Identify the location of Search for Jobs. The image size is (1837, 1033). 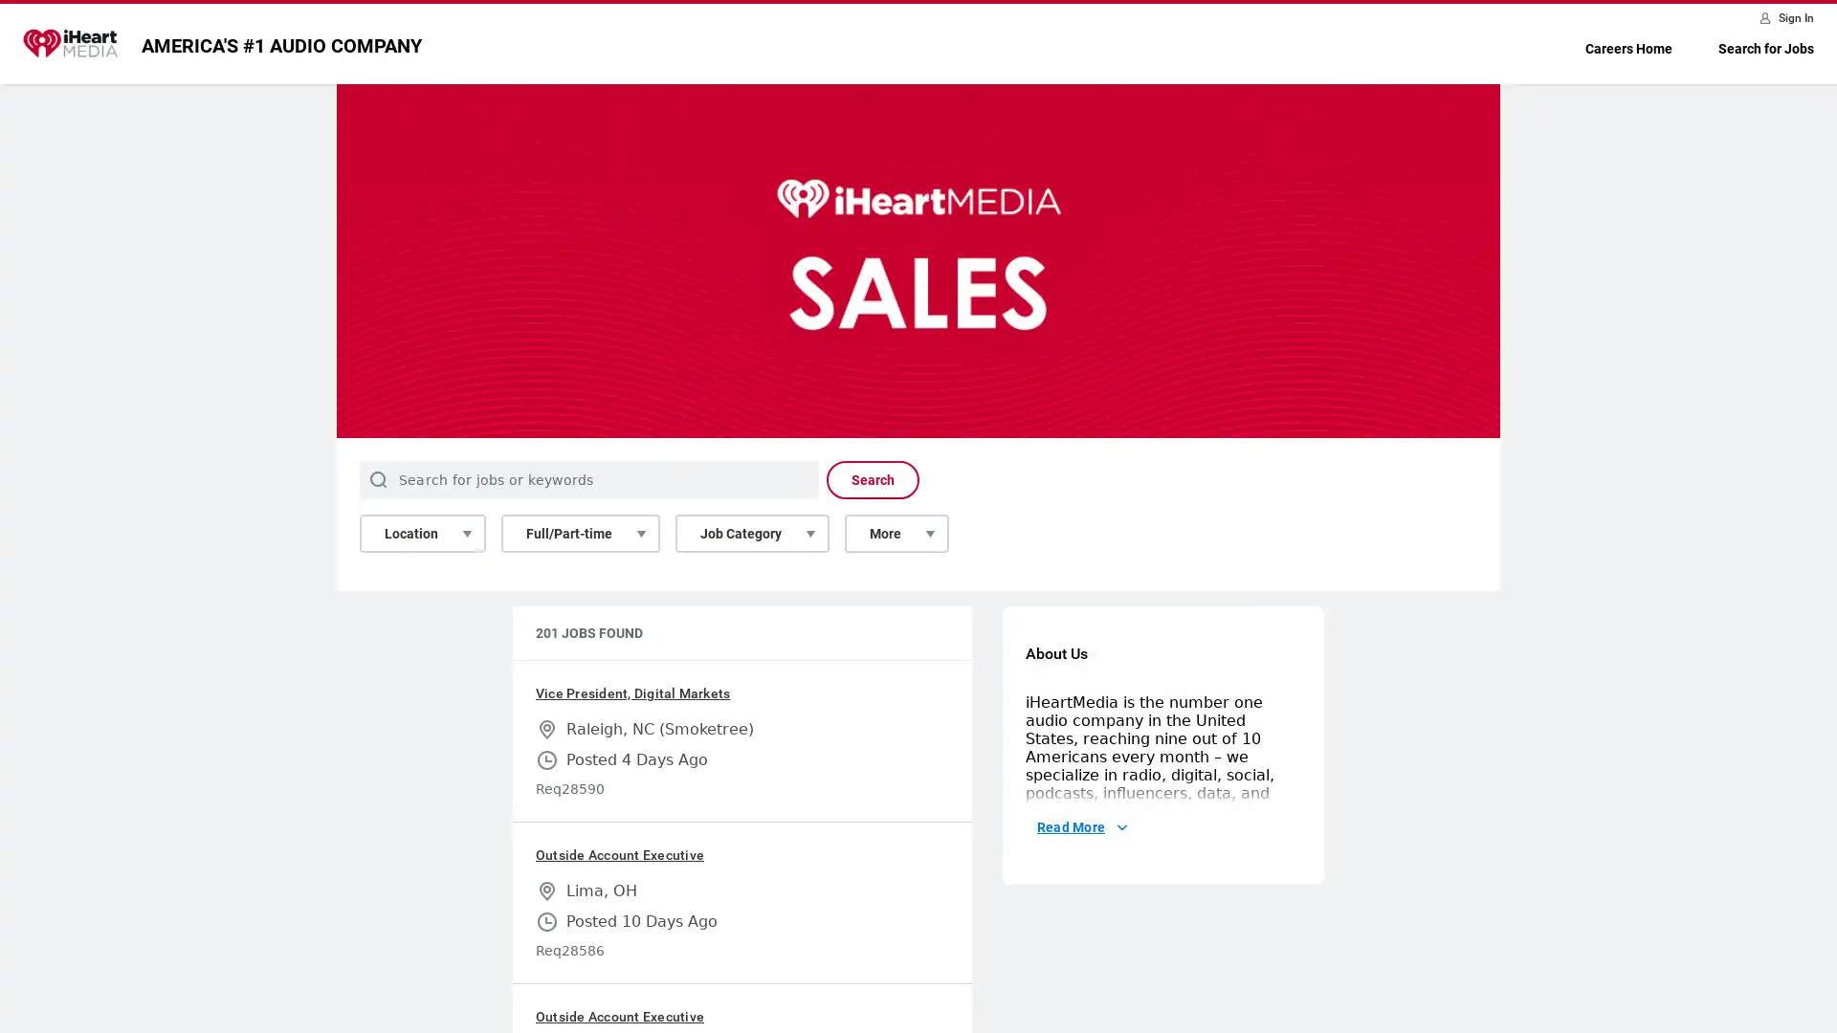
(1765, 48).